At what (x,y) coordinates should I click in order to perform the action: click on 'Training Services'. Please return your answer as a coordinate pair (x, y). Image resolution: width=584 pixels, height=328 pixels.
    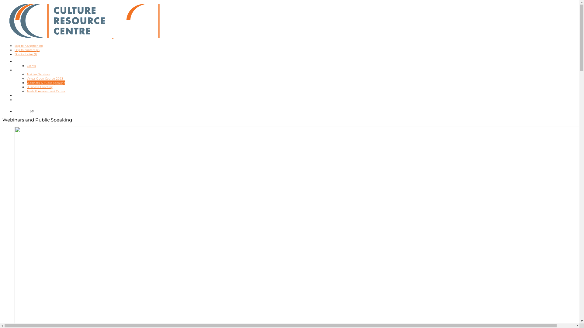
    Looking at the image, I should click on (26, 73).